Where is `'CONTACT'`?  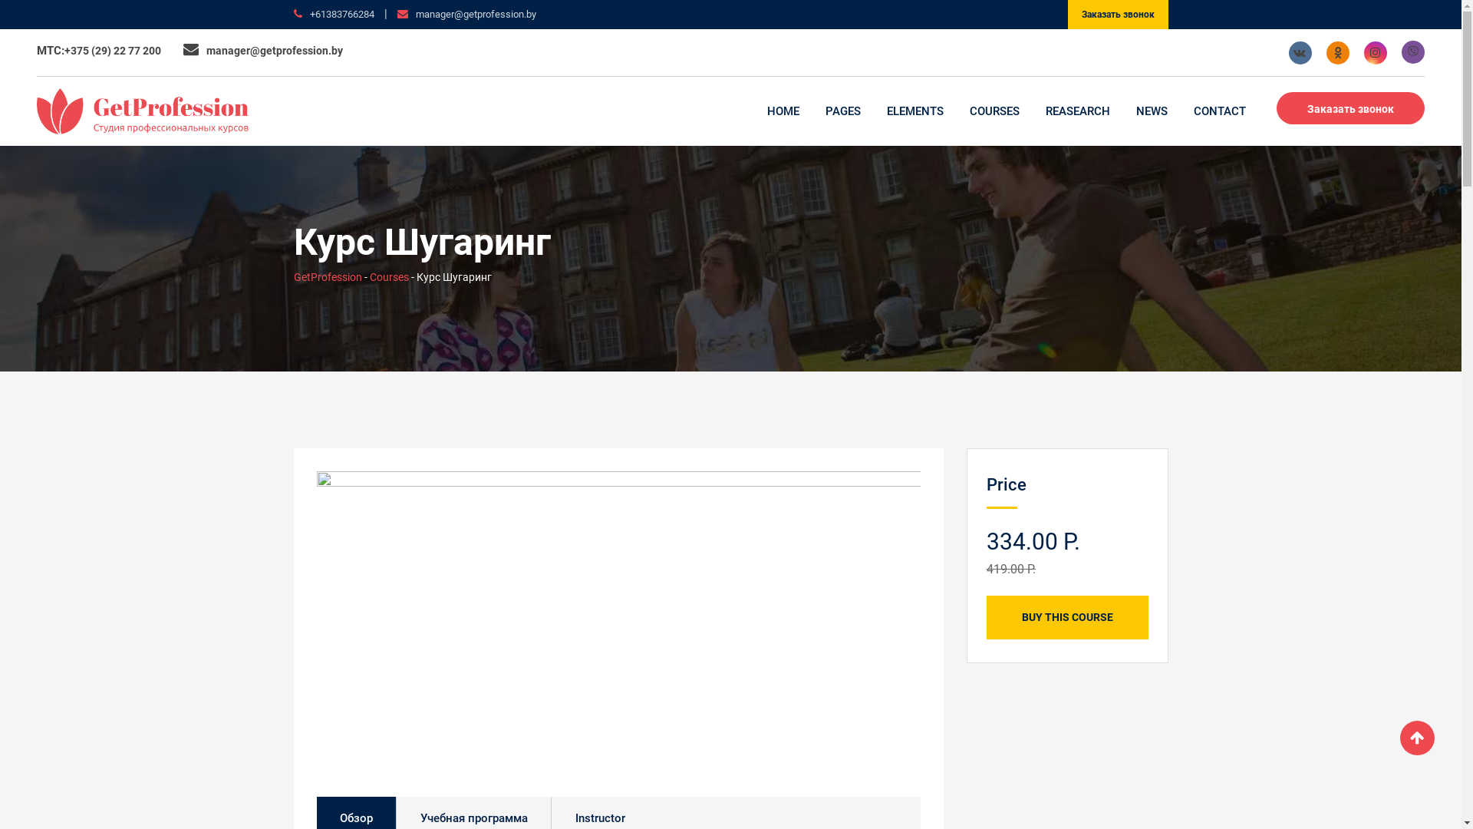 'CONTACT' is located at coordinates (1218, 111).